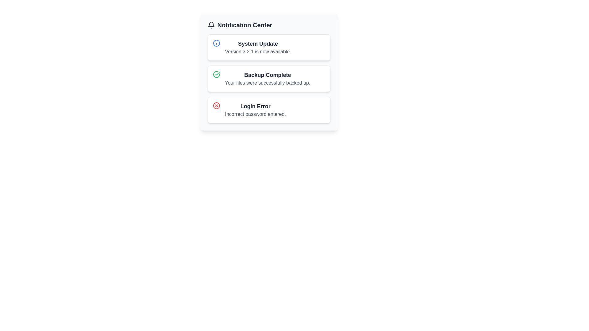 This screenshot has width=589, height=331. What do you see at coordinates (268, 78) in the screenshot?
I see `success message content from the second notification card in the Notification Center, which indicates that the files have been successfully backed up` at bounding box center [268, 78].